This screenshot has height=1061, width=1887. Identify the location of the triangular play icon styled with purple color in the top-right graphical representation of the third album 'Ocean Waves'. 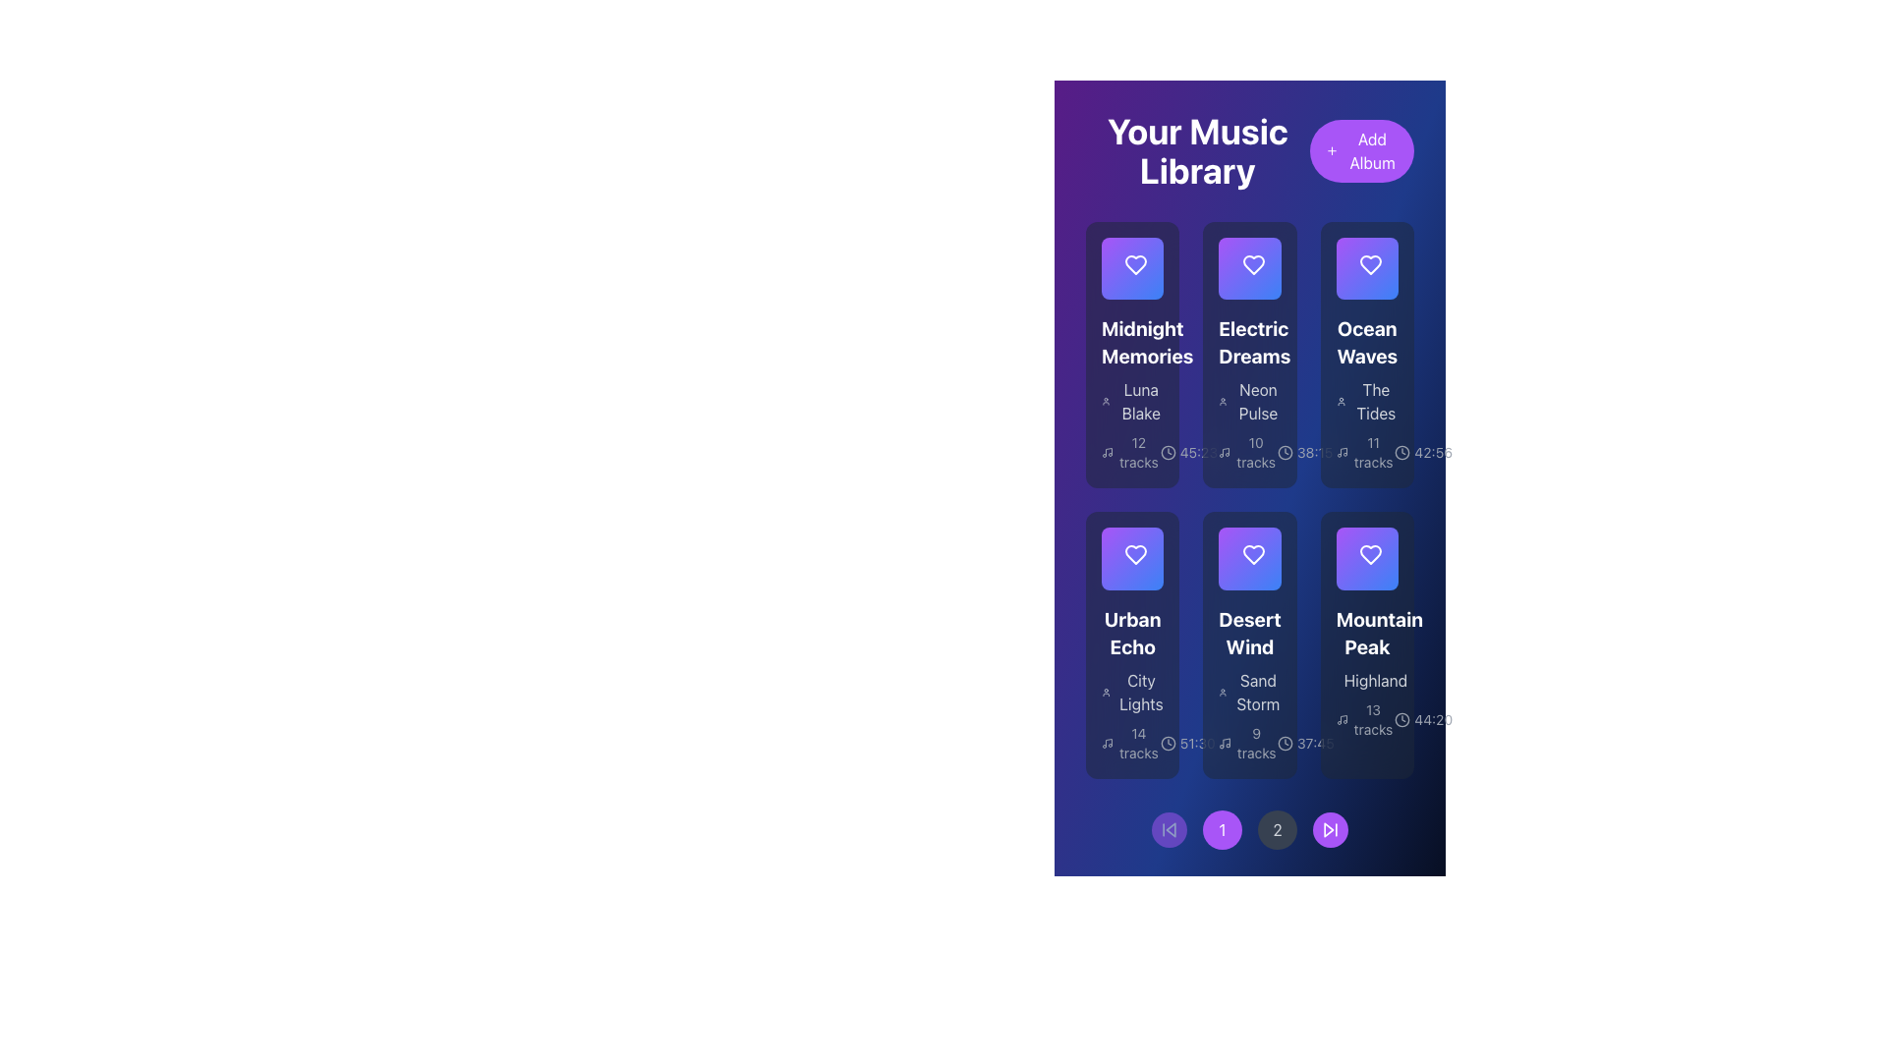
(1366, 268).